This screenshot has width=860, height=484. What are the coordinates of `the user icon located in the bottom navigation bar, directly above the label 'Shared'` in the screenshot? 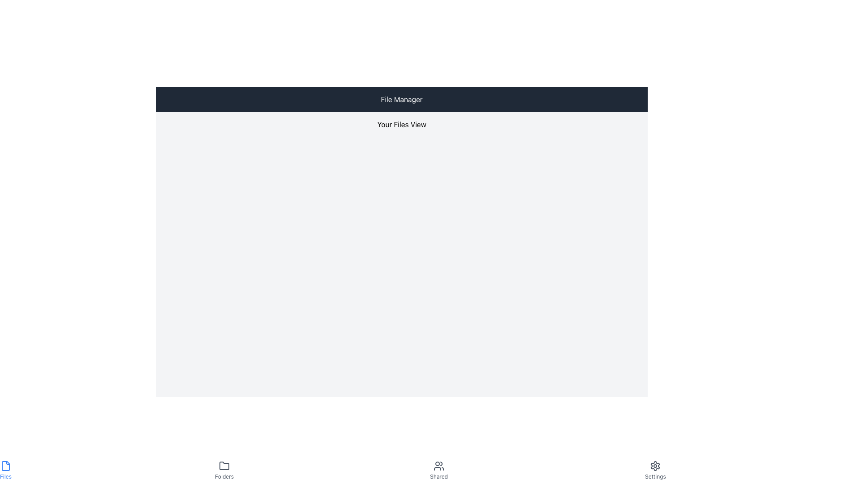 It's located at (439, 466).